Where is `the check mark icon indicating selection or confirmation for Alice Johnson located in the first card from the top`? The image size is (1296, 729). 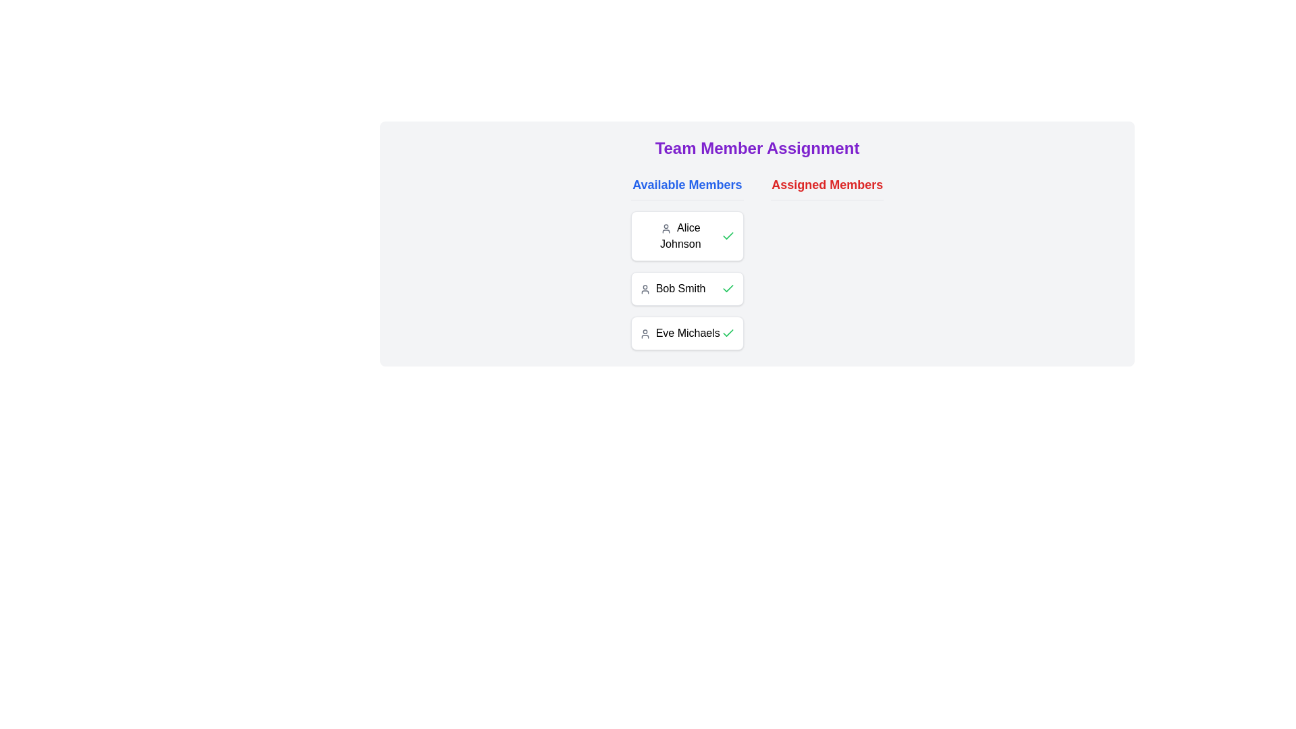
the check mark icon indicating selection or confirmation for Alice Johnson located in the first card from the top is located at coordinates (728, 236).